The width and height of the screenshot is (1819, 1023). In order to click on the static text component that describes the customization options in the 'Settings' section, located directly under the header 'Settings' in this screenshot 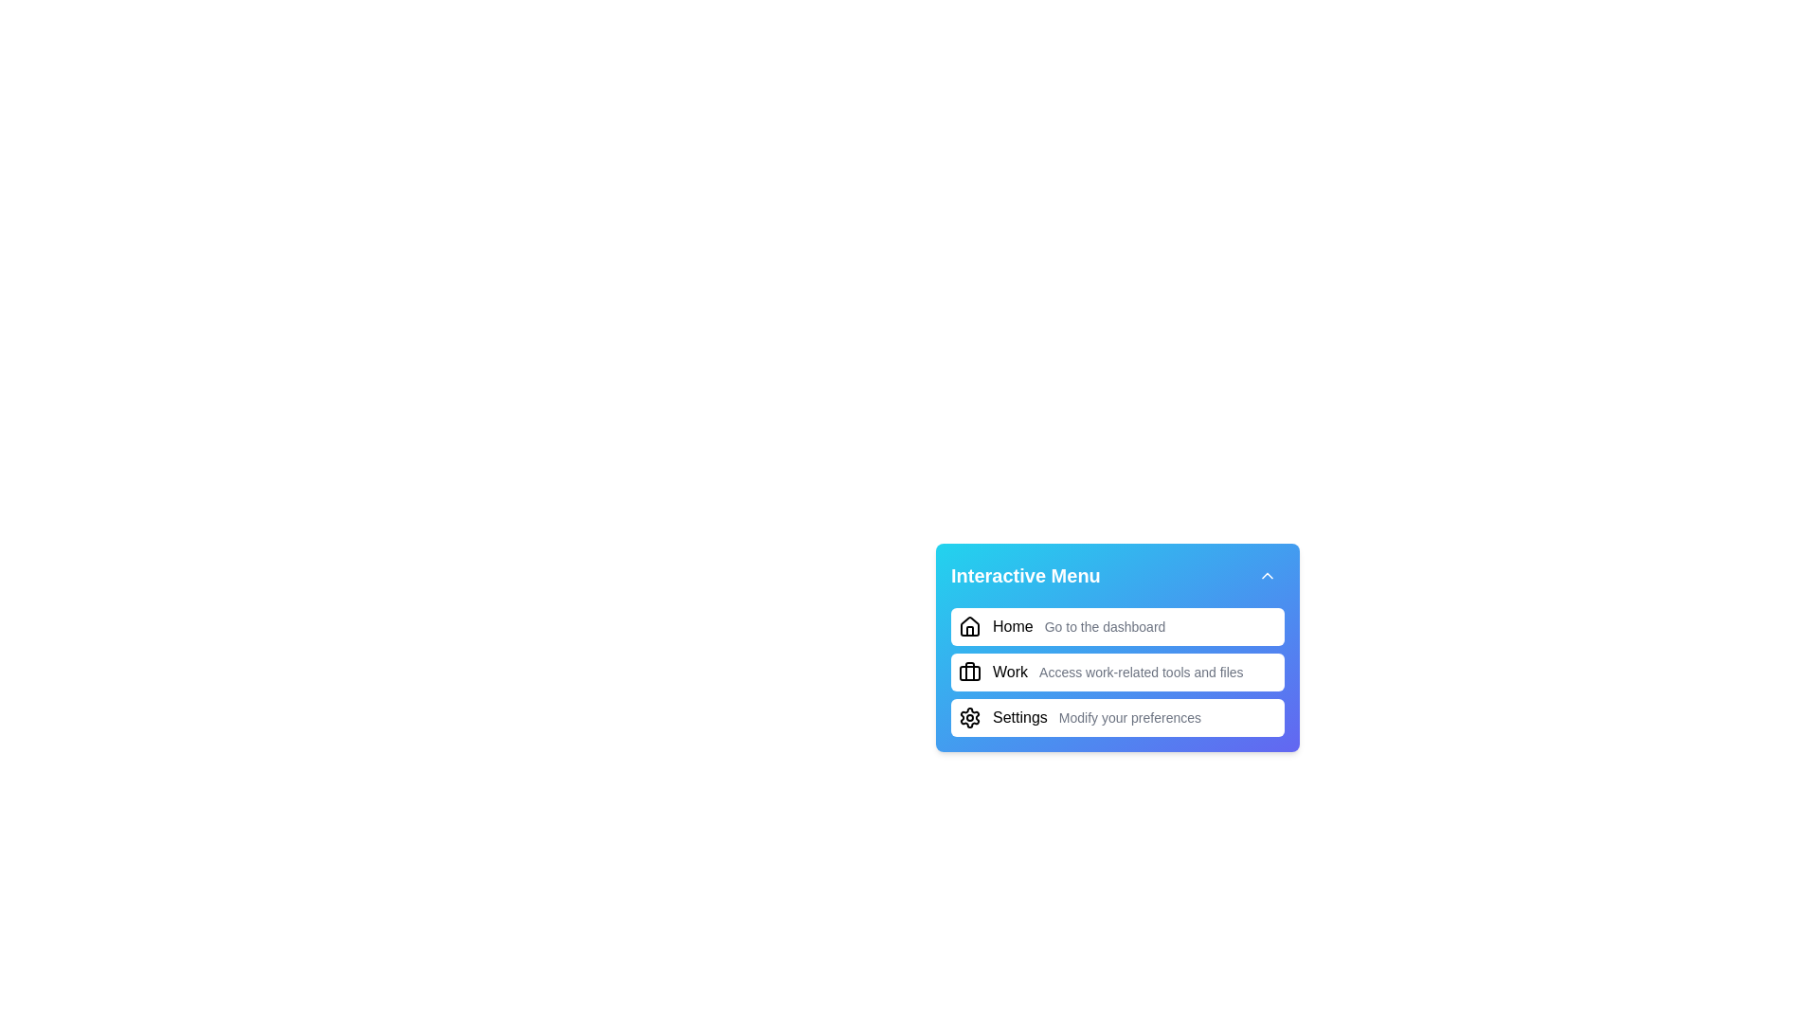, I will do `click(1129, 718)`.